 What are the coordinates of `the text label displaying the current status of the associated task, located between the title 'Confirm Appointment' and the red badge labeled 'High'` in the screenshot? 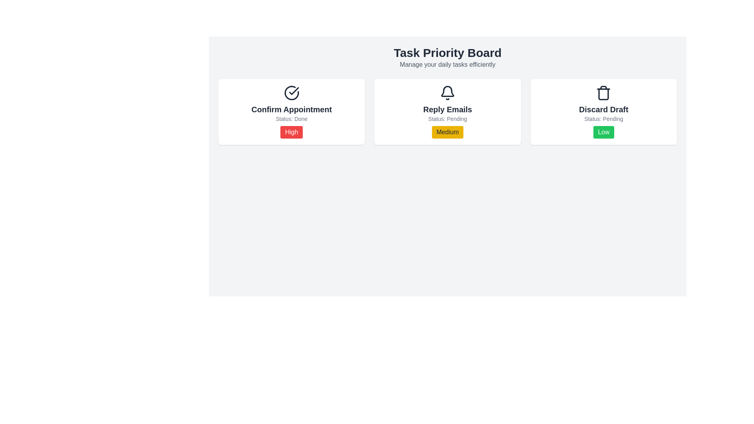 It's located at (291, 119).